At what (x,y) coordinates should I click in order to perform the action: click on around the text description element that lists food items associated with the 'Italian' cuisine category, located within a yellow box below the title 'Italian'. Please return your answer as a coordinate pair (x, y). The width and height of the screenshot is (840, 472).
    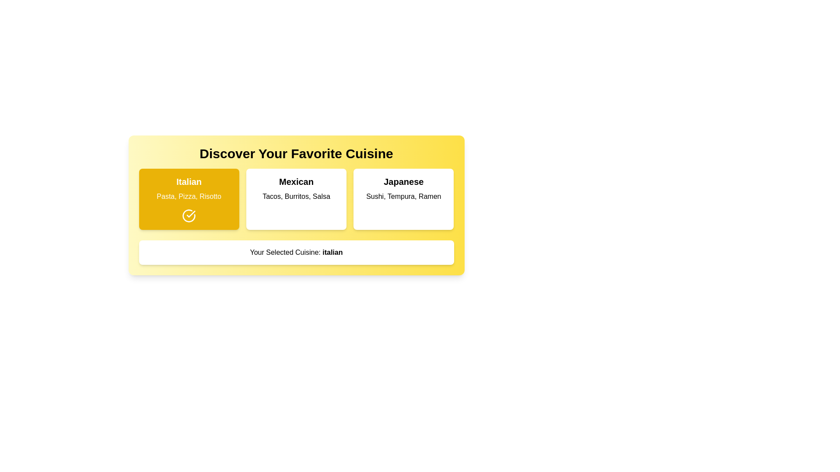
    Looking at the image, I should click on (189, 197).